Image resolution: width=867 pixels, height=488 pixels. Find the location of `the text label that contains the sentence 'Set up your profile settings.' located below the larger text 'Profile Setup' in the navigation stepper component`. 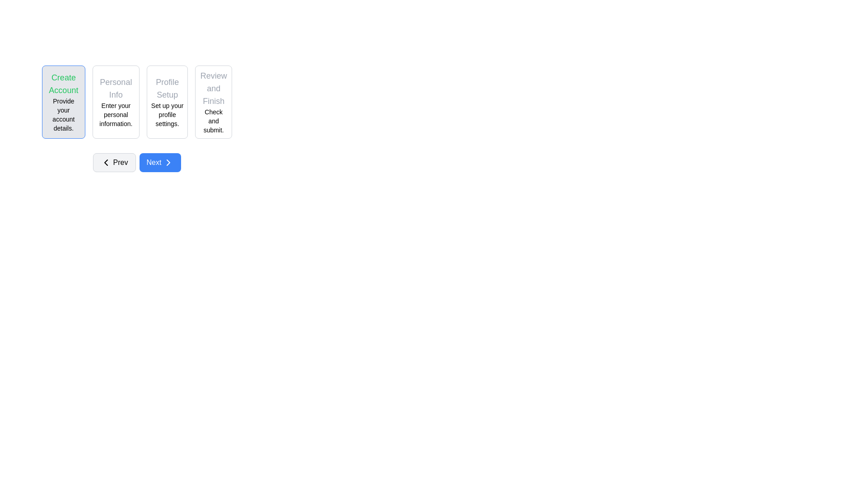

the text label that contains the sentence 'Set up your profile settings.' located below the larger text 'Profile Setup' in the navigation stepper component is located at coordinates (167, 114).